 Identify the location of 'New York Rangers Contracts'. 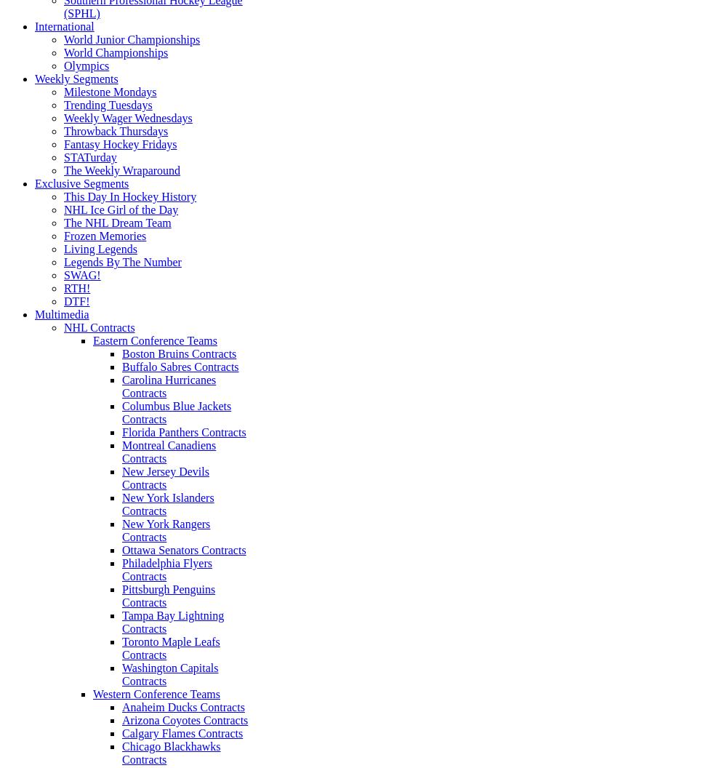
(166, 529).